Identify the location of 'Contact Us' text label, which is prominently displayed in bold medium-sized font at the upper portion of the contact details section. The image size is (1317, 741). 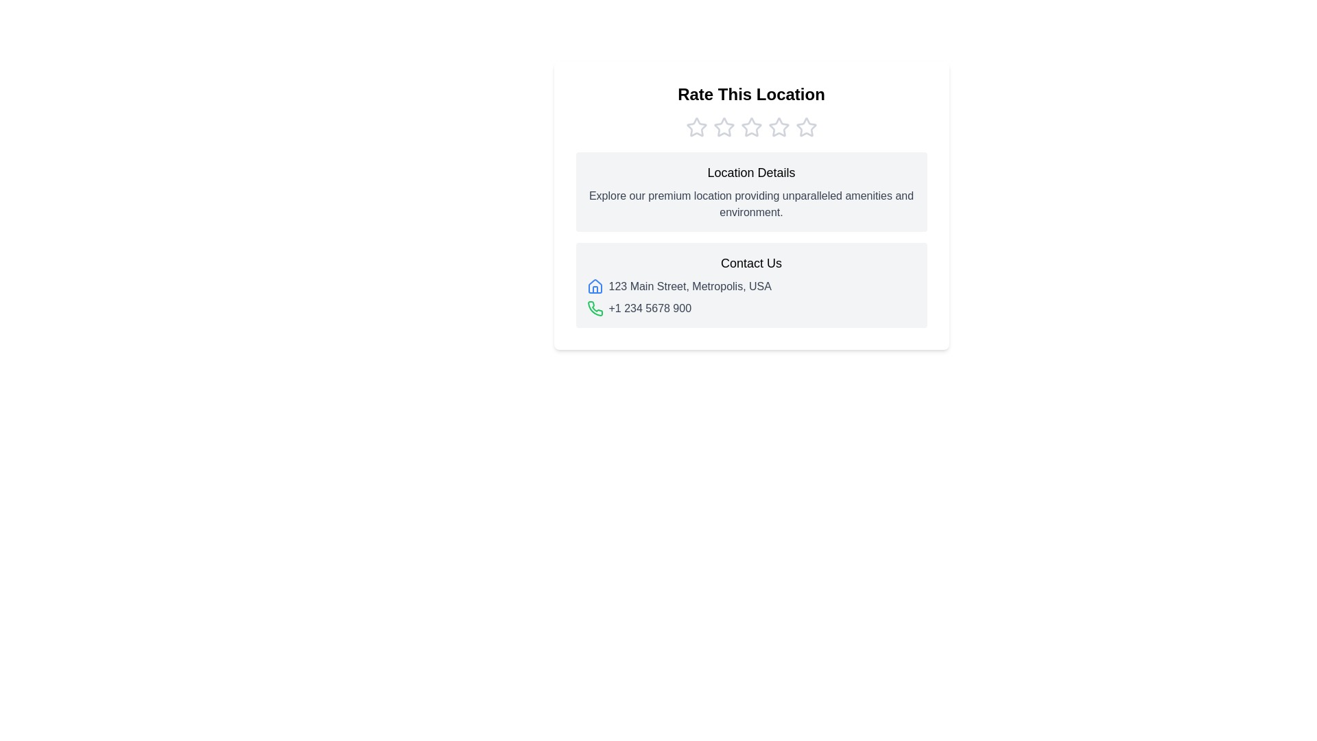
(750, 263).